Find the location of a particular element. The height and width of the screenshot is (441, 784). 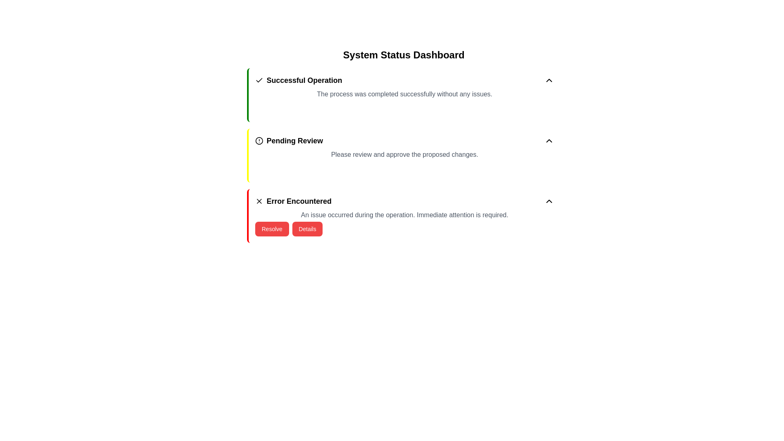

description in the Informational panel that indicates pending review and approval for proposed changes, located directly below the 'Successful Operation' section is located at coordinates (403, 156).